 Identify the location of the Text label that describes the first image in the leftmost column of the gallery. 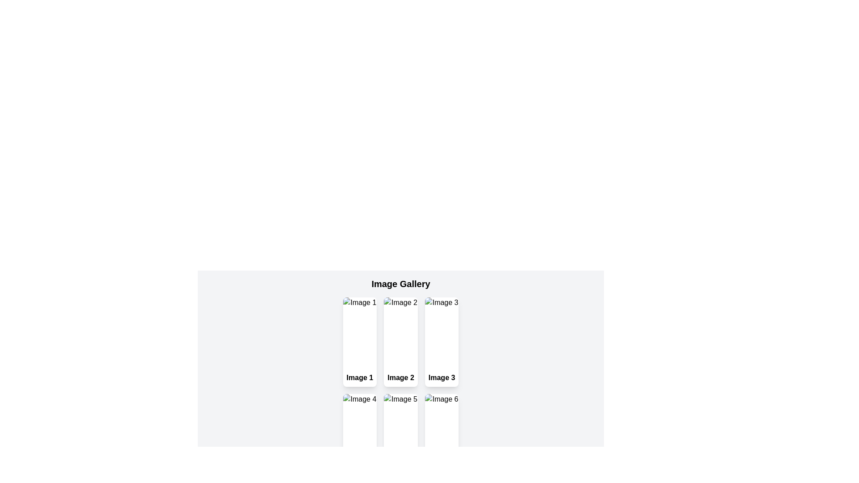
(360, 377).